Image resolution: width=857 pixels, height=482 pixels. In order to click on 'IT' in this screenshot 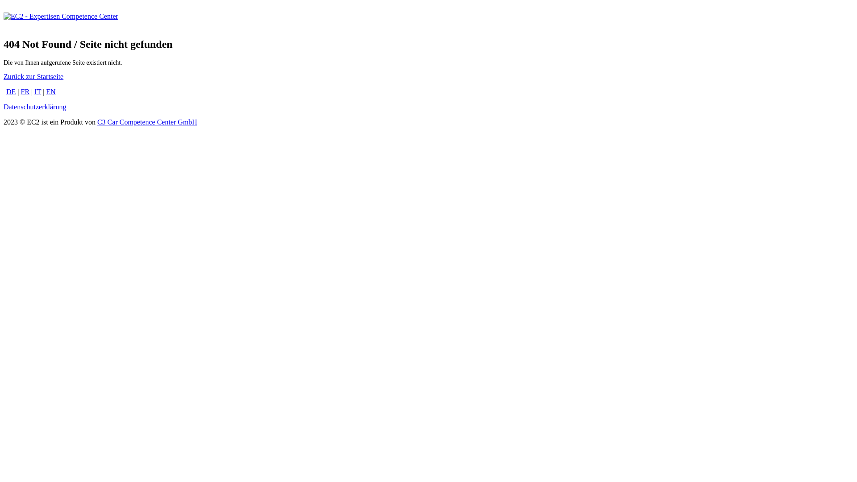, I will do `click(37, 91)`.